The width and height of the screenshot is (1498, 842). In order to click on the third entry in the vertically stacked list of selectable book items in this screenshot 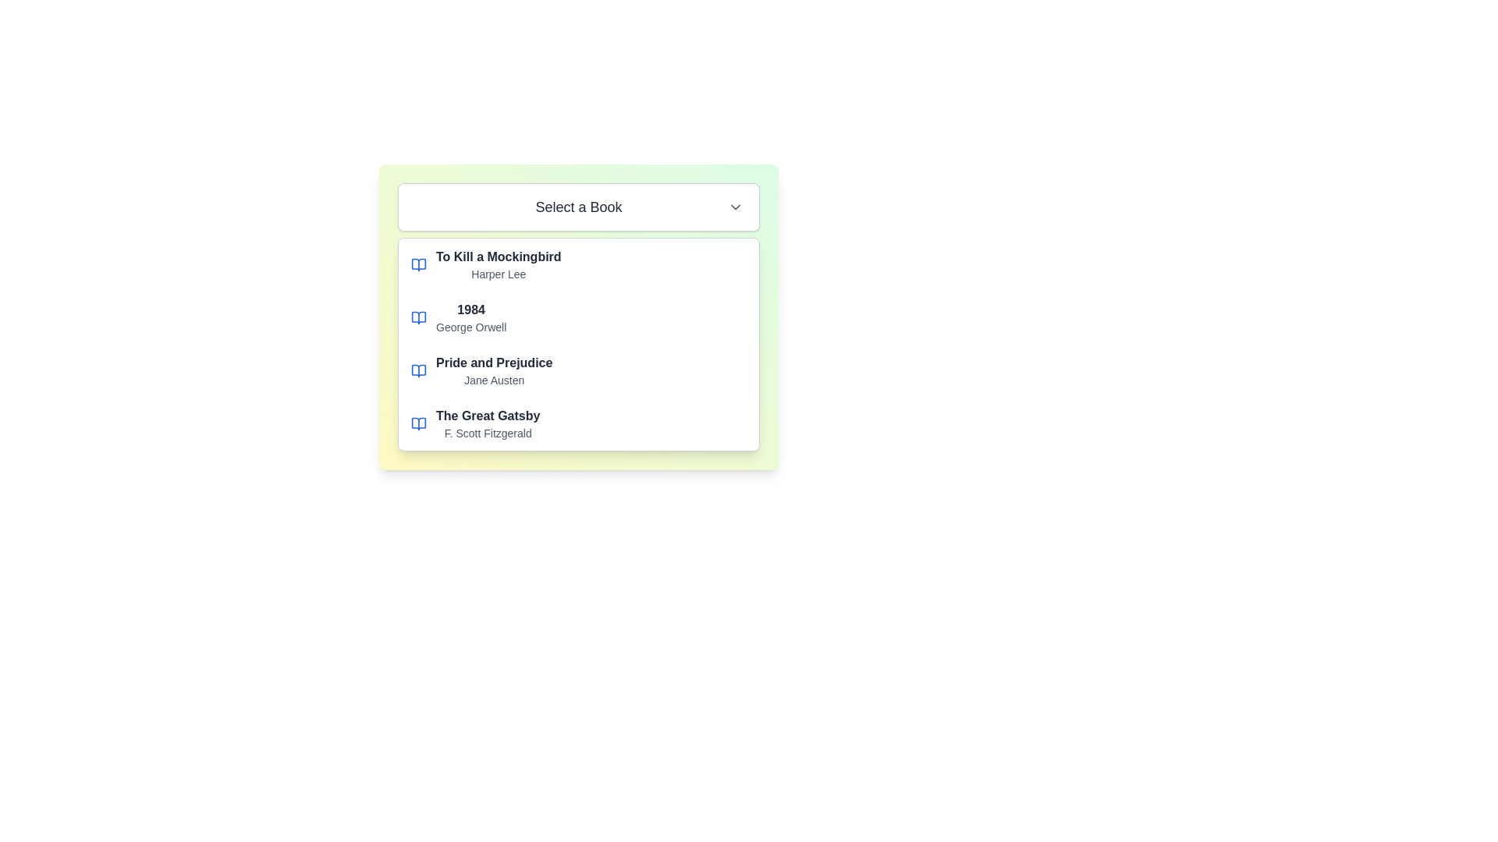, I will do `click(578, 370)`.